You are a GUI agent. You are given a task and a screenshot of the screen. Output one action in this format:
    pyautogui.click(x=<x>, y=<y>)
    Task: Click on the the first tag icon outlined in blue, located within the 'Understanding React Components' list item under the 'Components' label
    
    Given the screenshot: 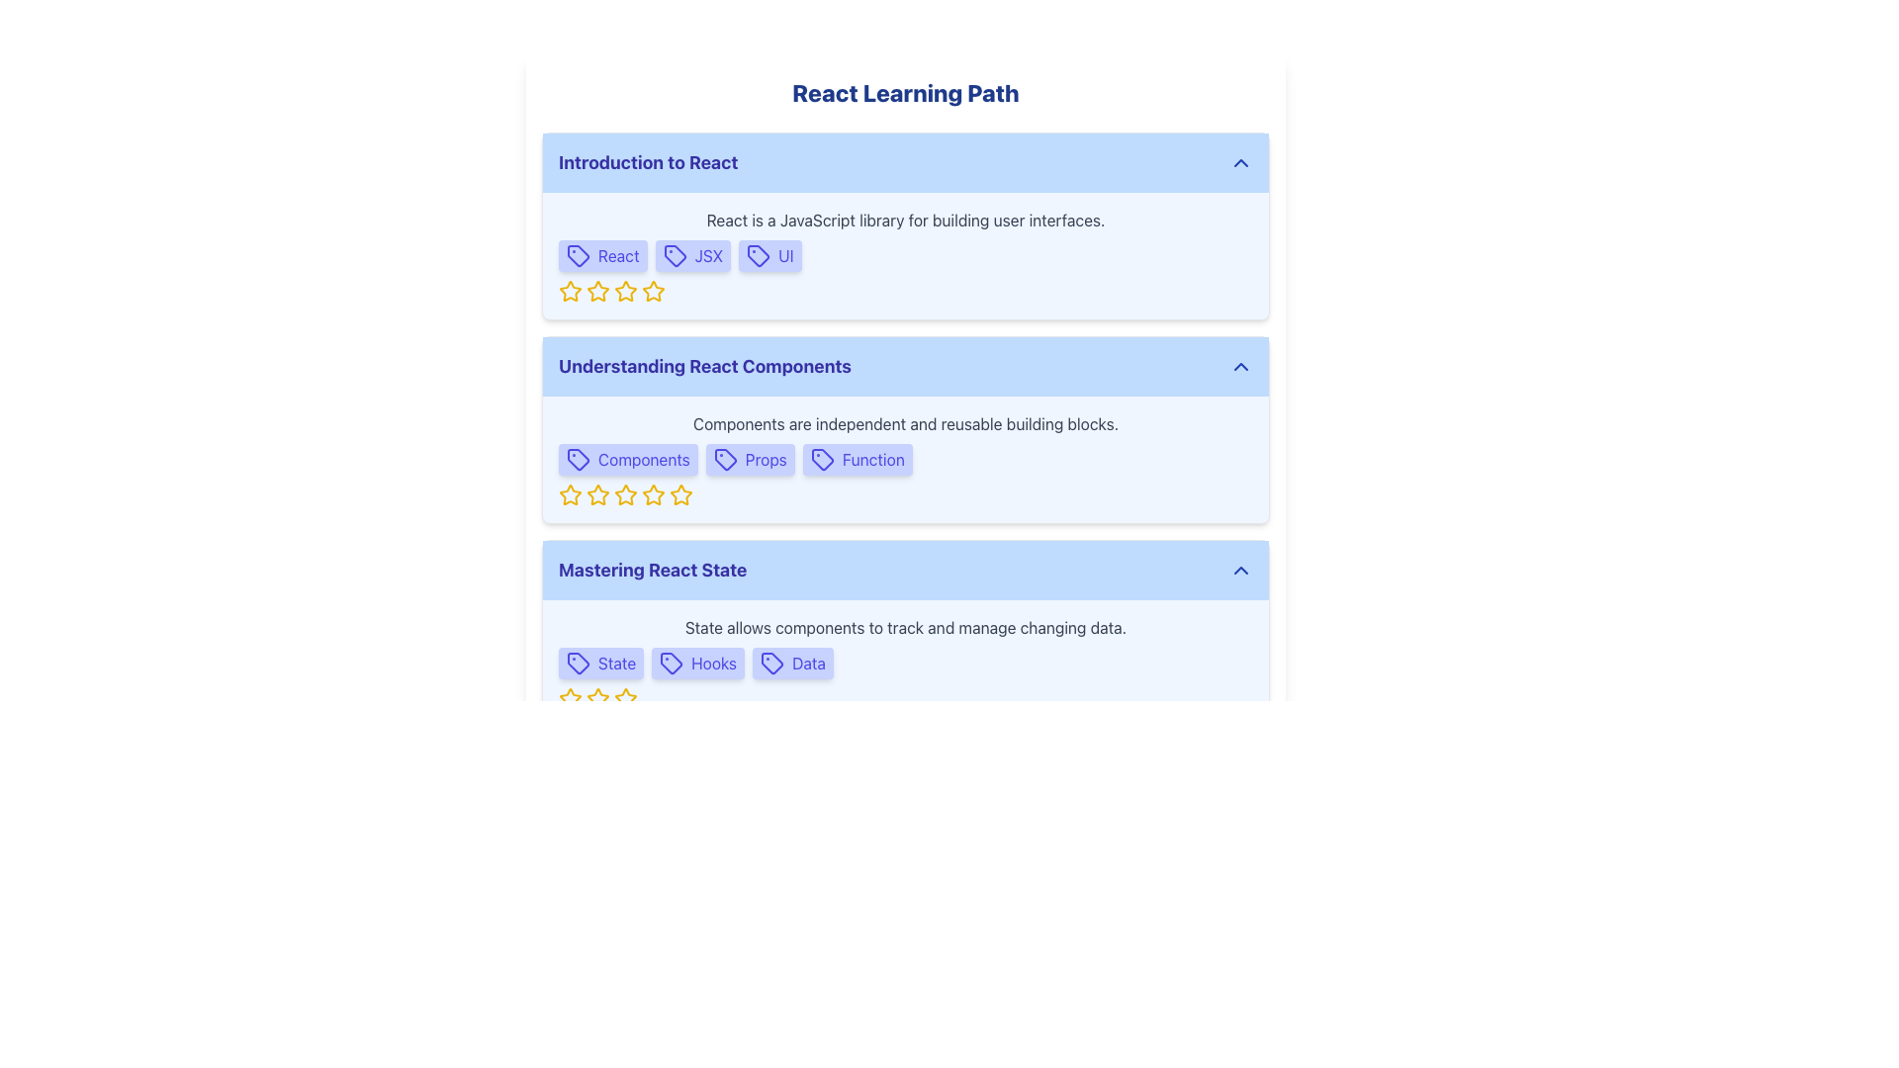 What is the action you would take?
    pyautogui.click(x=578, y=460)
    